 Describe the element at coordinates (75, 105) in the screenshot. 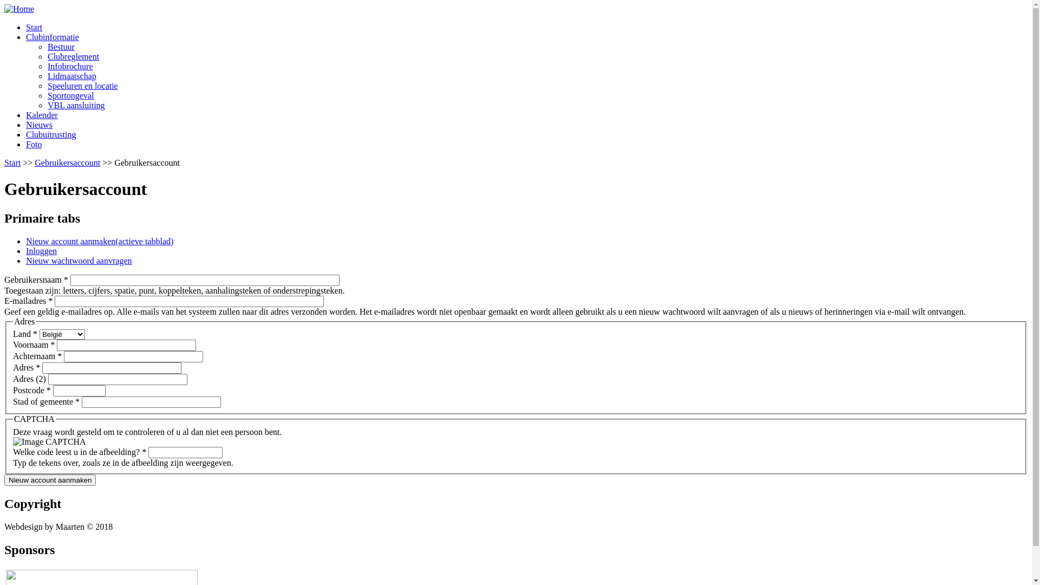

I see `'VBL aansluiting'` at that location.